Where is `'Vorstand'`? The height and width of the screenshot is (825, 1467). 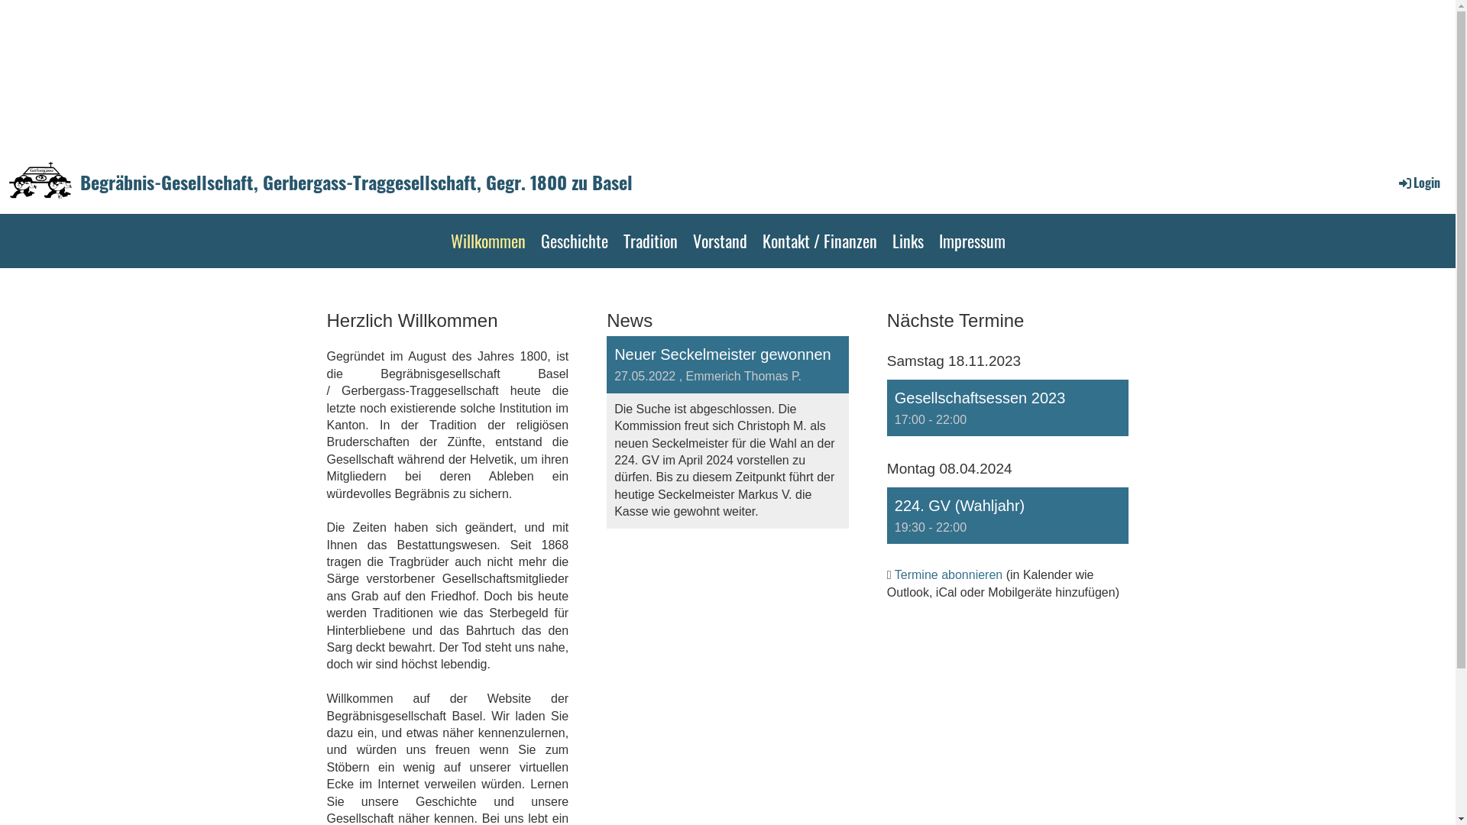
'Vorstand' is located at coordinates (718, 241).